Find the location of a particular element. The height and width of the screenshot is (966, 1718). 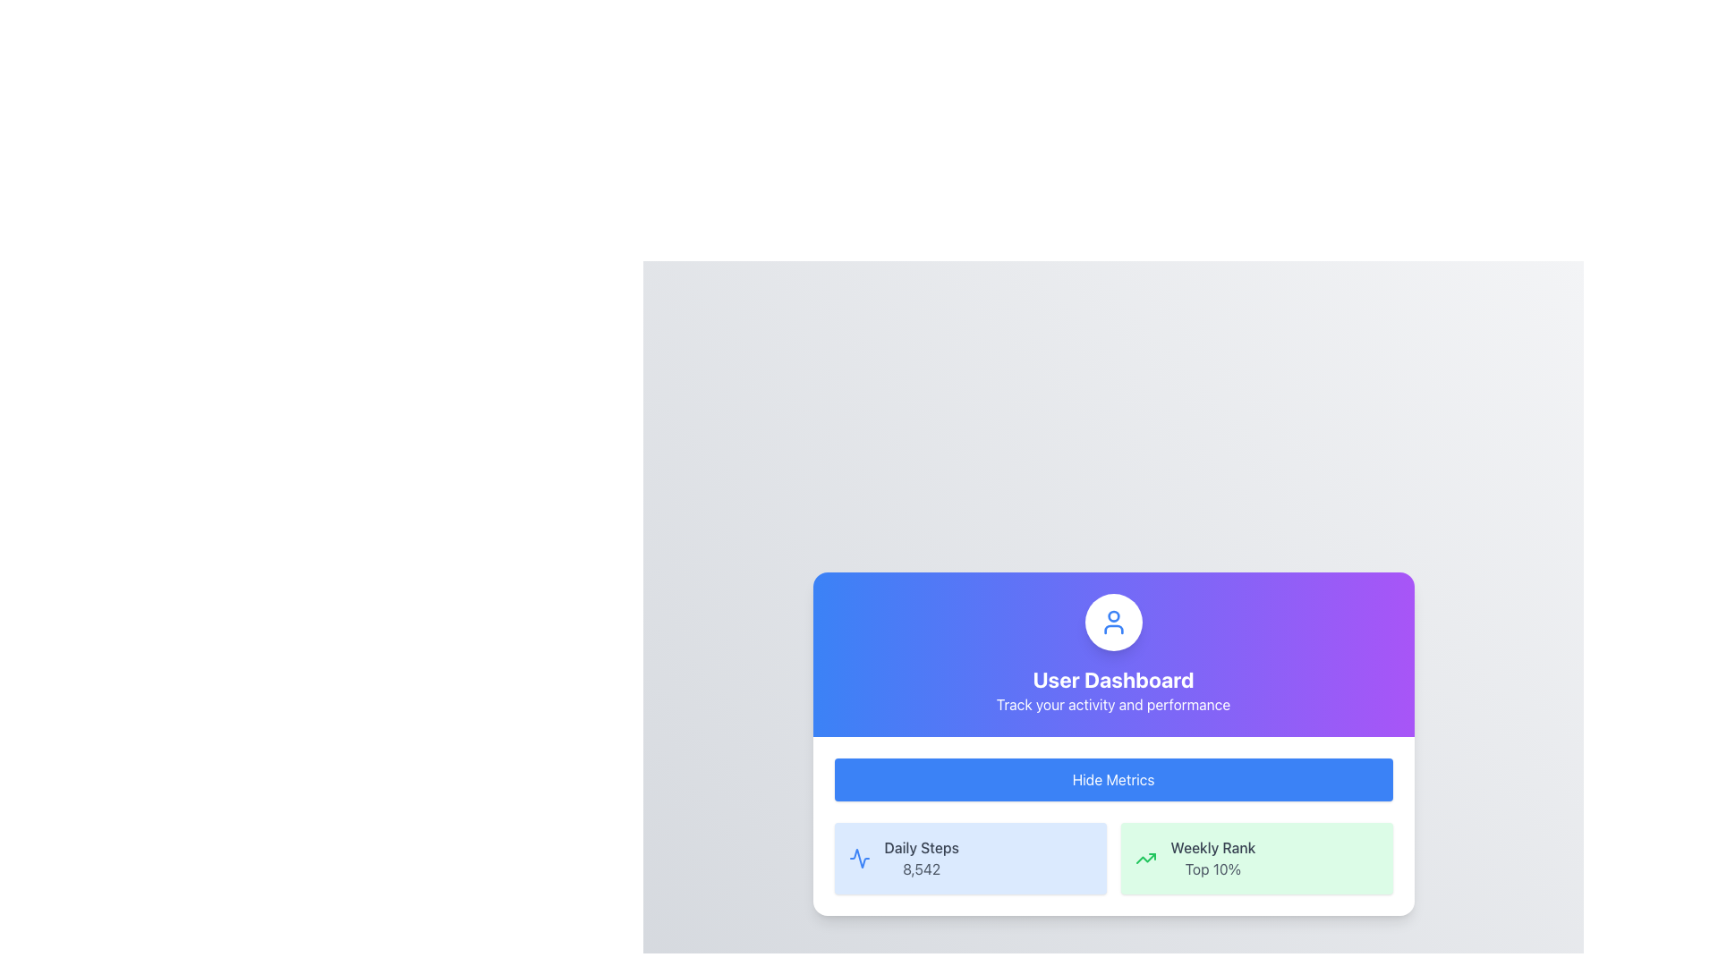

the blue SVG icon resembling a line graph or waveform emblem located in the bottom-left section of the user dashboard panel, aligned with the 'Daily Steps' card is located at coordinates (859, 858).